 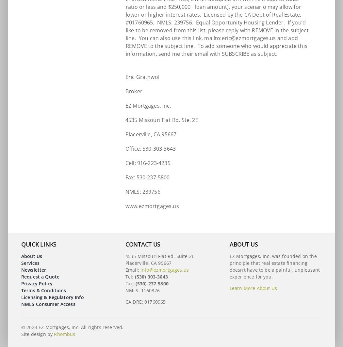 What do you see at coordinates (130, 283) in the screenshot?
I see `'Fax:'` at bounding box center [130, 283].